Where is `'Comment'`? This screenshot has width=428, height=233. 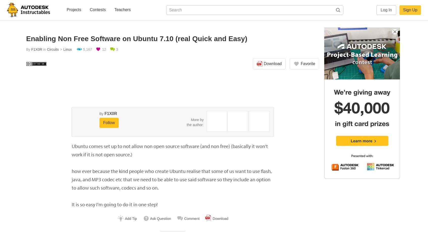 'Comment' is located at coordinates (191, 218).